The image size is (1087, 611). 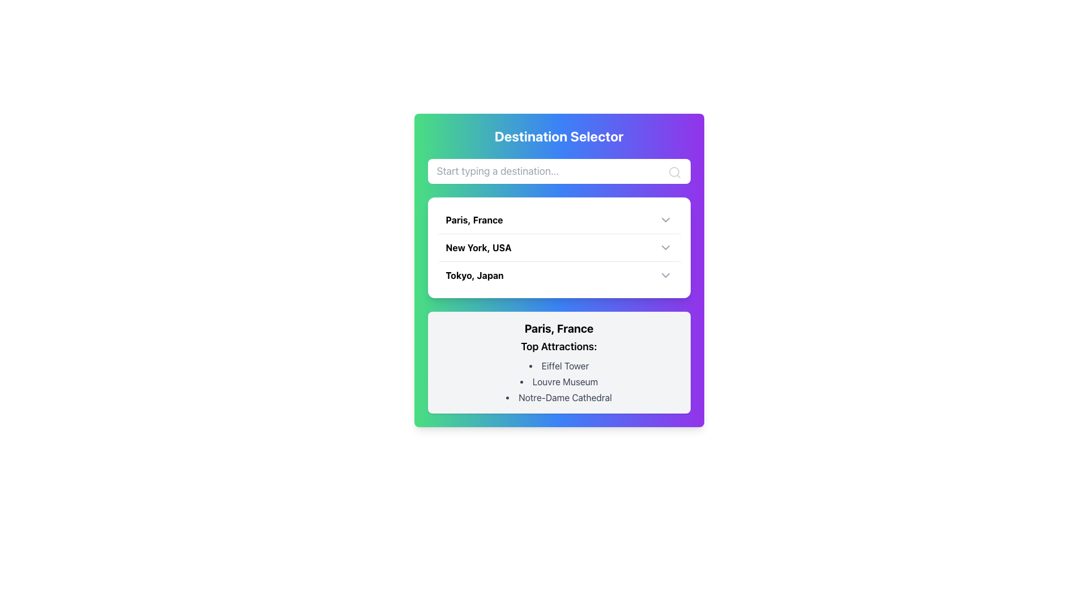 I want to click on the Text Label that serves as a heading for the destination selection section, which is positioned at the top of the colorful gradient box, so click(x=559, y=135).